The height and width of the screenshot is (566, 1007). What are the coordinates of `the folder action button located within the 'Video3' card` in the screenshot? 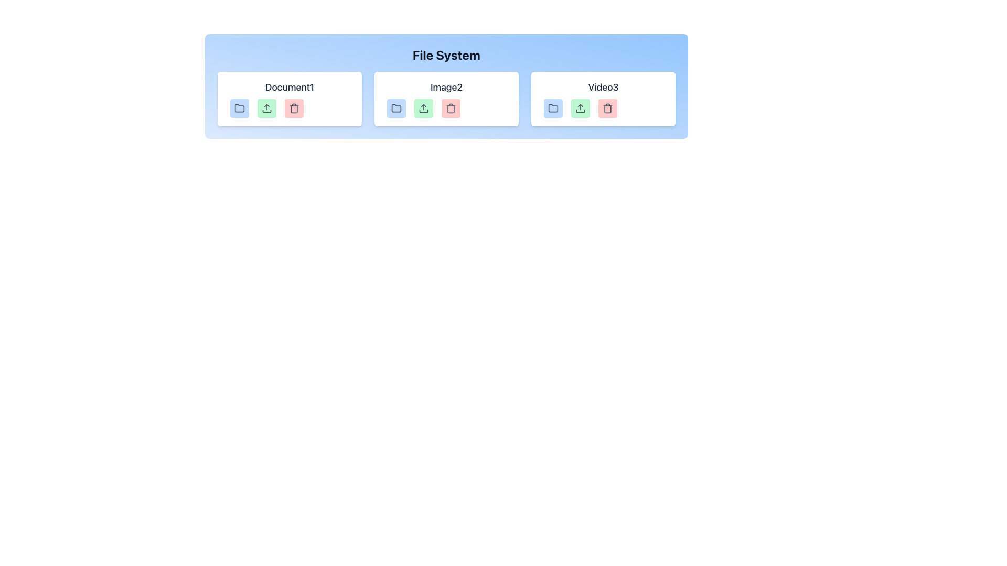 It's located at (553, 108).